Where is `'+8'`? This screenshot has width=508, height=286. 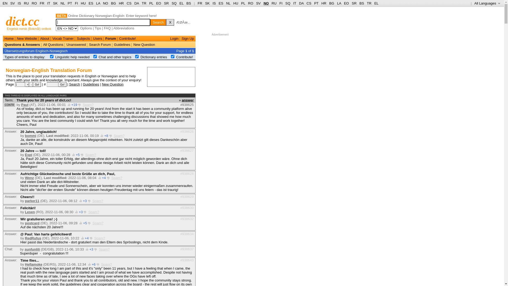
'+8' is located at coordinates (106, 135).